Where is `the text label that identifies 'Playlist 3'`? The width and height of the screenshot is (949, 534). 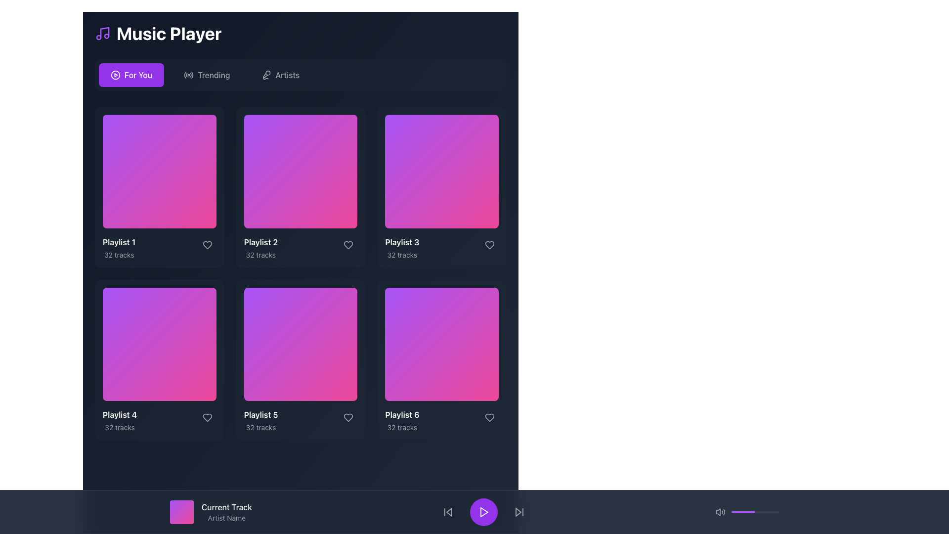 the text label that identifies 'Playlist 3' is located at coordinates (402, 242).